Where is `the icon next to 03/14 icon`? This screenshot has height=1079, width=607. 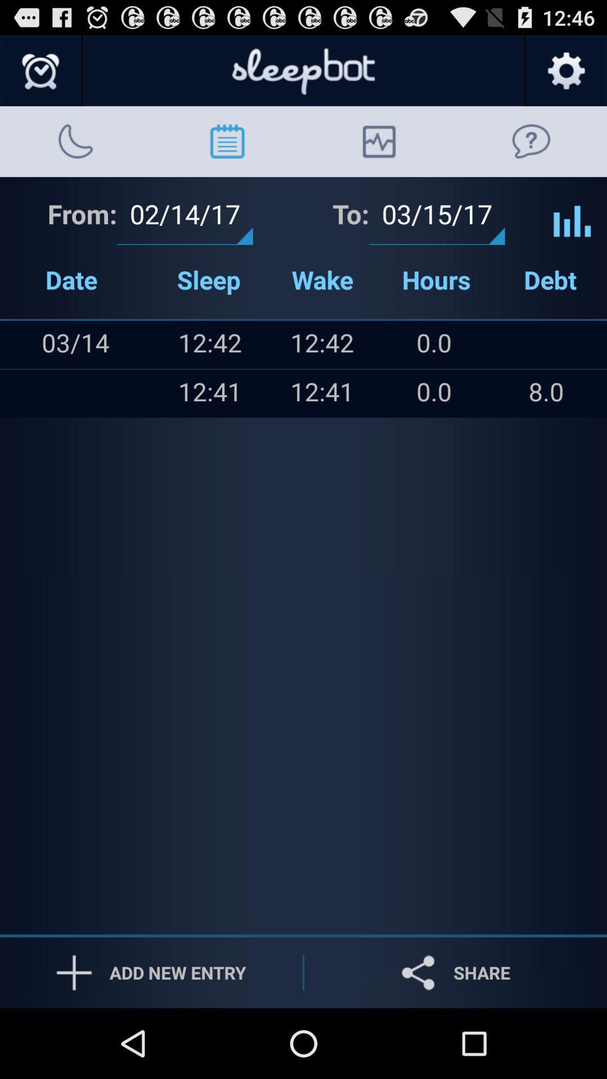 the icon next to 03/14 icon is located at coordinates (23, 393).